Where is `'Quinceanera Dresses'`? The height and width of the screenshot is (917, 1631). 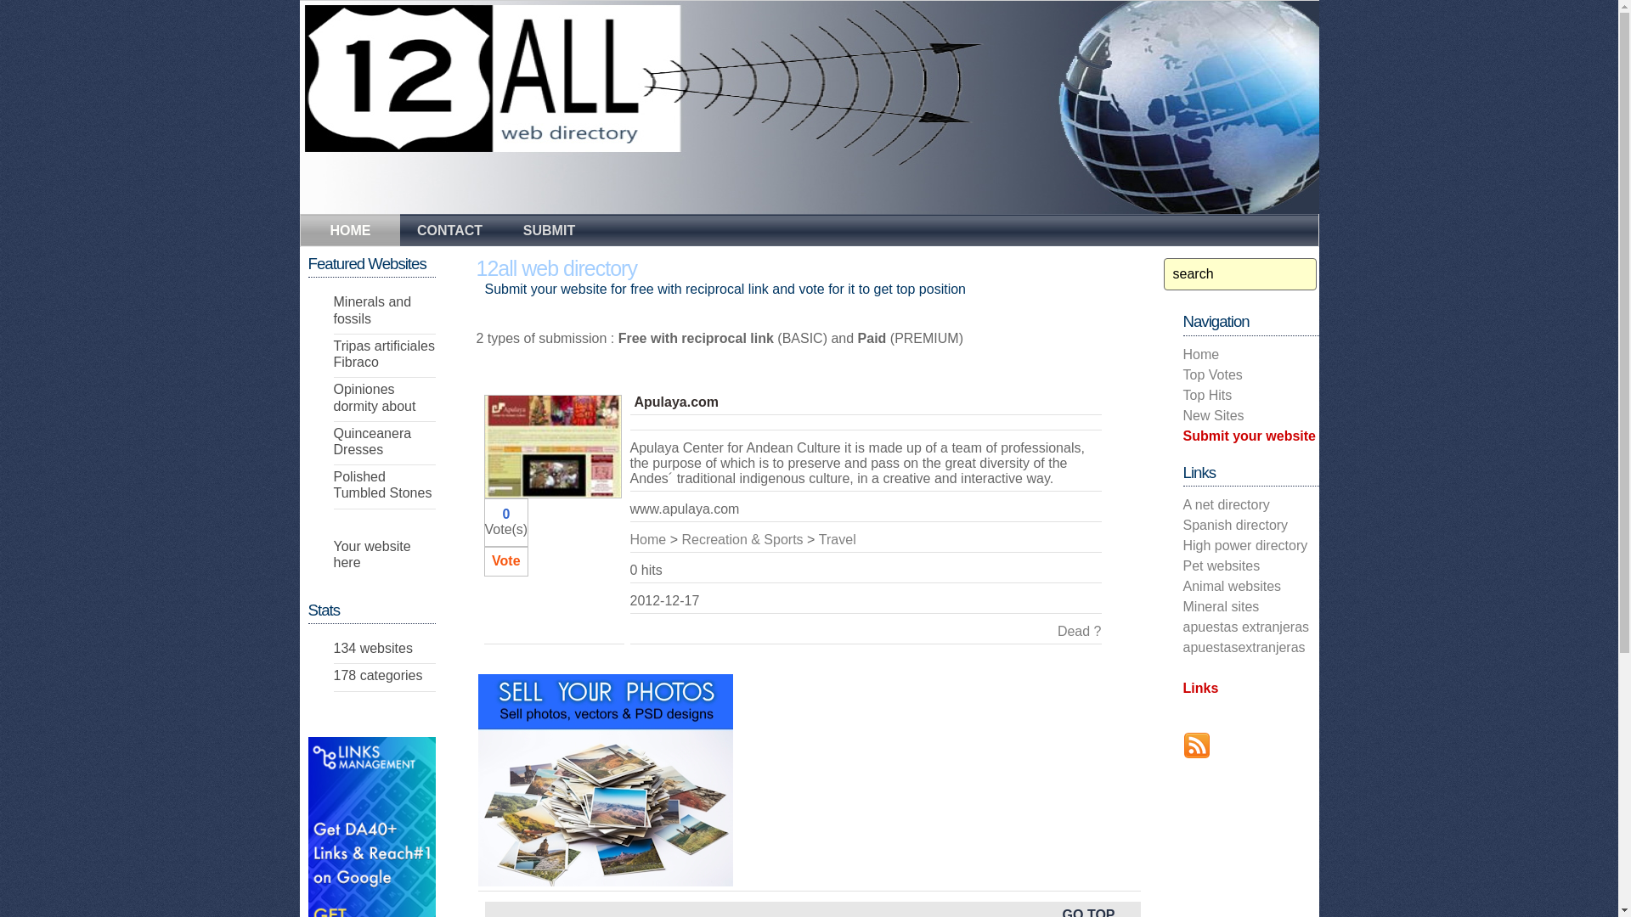 'Quinceanera Dresses' is located at coordinates (333, 441).